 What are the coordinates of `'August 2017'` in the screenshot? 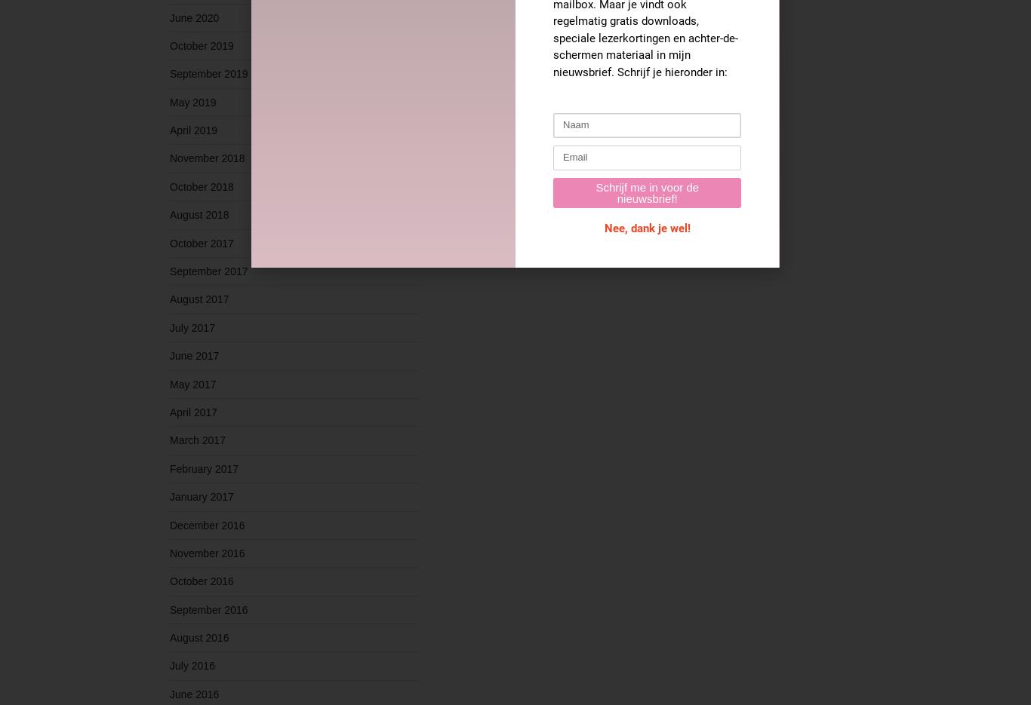 It's located at (199, 299).